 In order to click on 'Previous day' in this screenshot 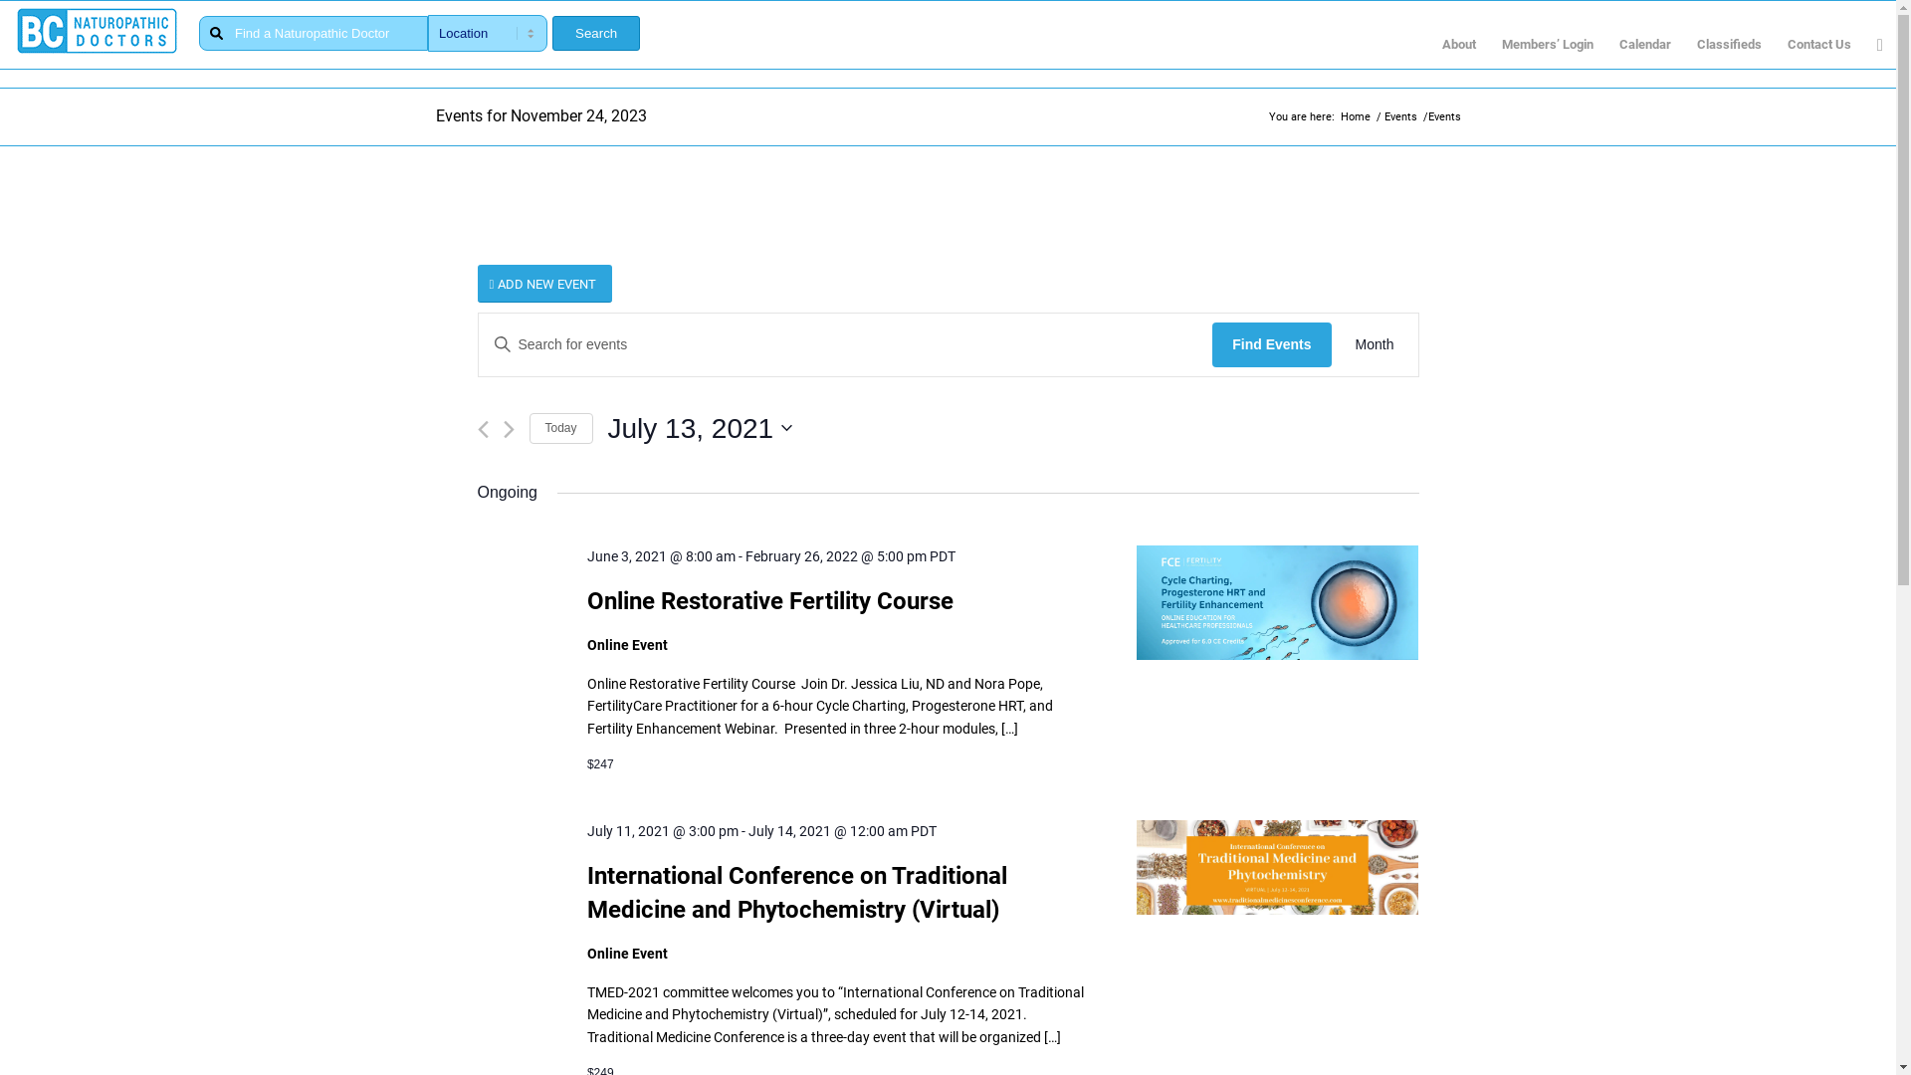, I will do `click(483, 428)`.